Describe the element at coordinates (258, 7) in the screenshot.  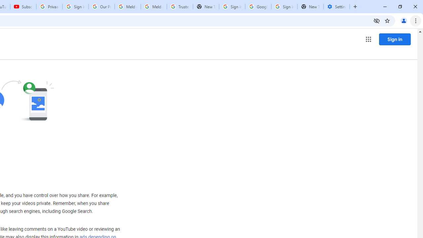
I see `'Google Cybersecurity Innovations - Google Safety Center'` at that location.